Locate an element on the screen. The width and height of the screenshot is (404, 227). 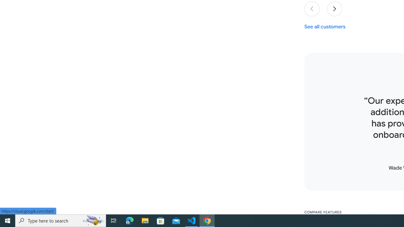
'Next slide' is located at coordinates (334, 9).